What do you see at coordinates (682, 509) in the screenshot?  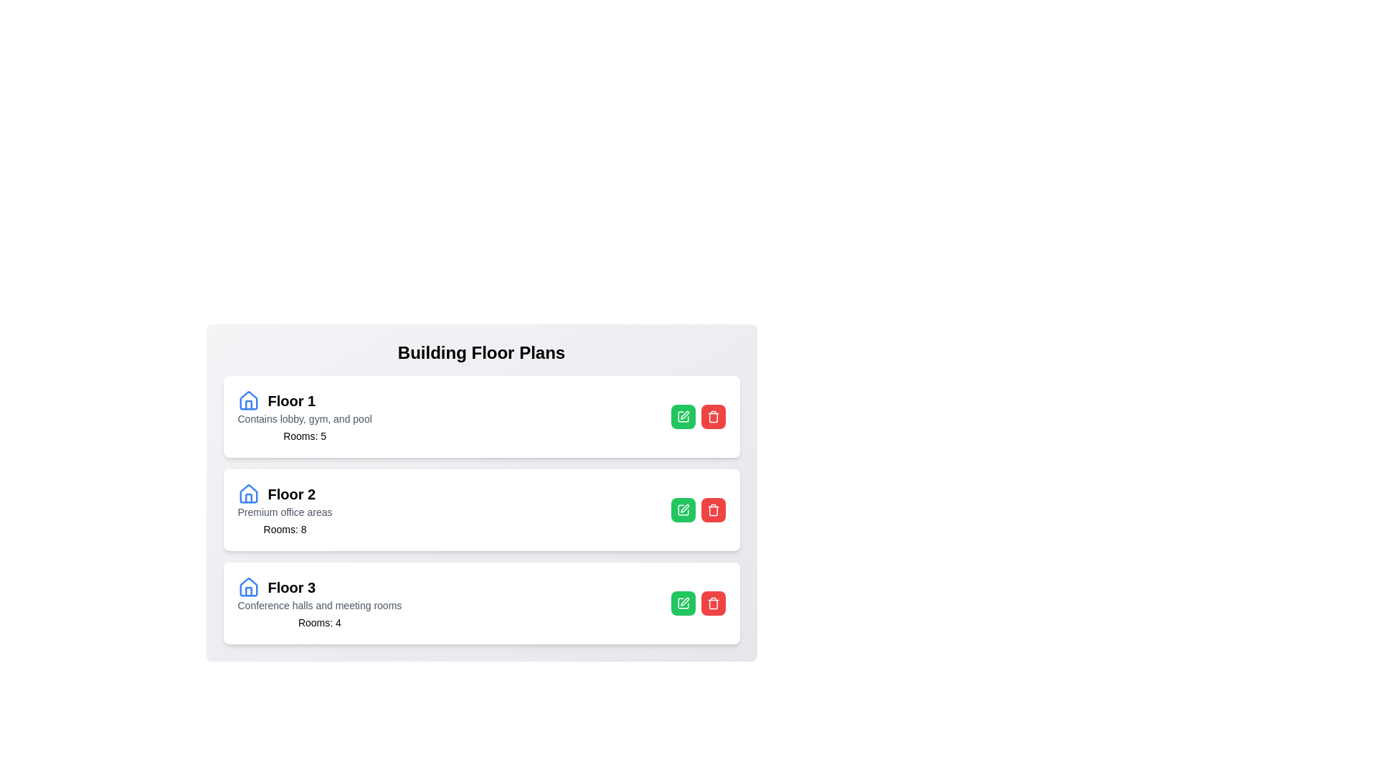 I see `the edit button for Floor 2` at bounding box center [682, 509].